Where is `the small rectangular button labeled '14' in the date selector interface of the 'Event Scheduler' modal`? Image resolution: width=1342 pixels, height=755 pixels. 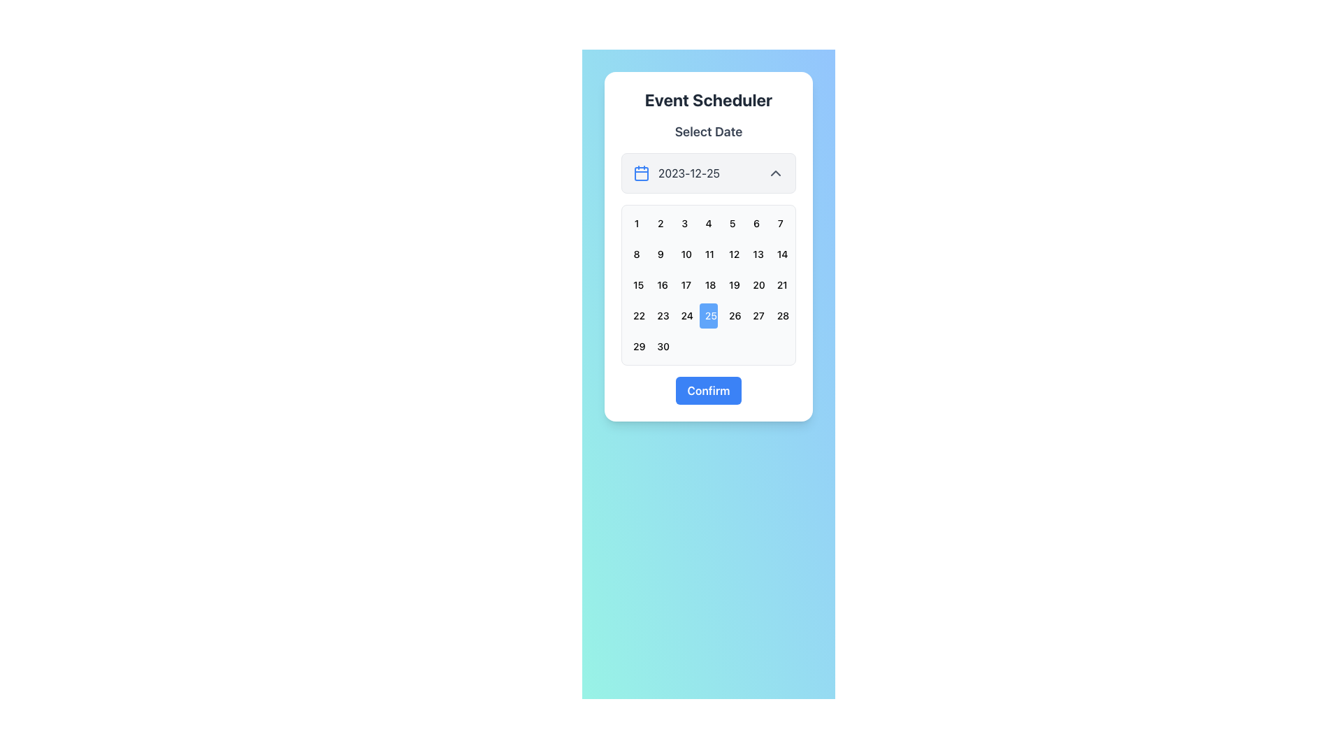
the small rectangular button labeled '14' in the date selector interface of the 'Event Scheduler' modal is located at coordinates (779, 254).